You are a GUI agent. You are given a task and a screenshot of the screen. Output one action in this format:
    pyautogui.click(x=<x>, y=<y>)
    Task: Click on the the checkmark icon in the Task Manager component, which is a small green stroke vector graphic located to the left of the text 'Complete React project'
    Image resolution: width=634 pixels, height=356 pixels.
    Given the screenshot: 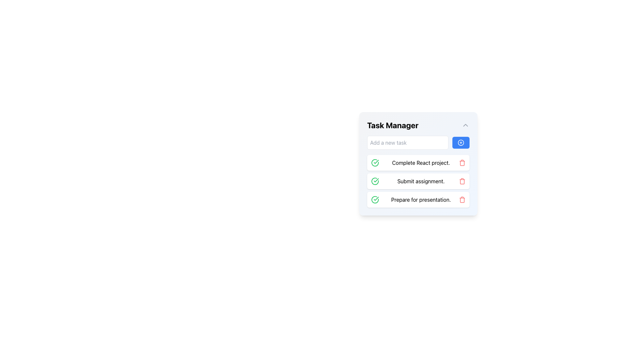 What is the action you would take?
    pyautogui.click(x=376, y=198)
    